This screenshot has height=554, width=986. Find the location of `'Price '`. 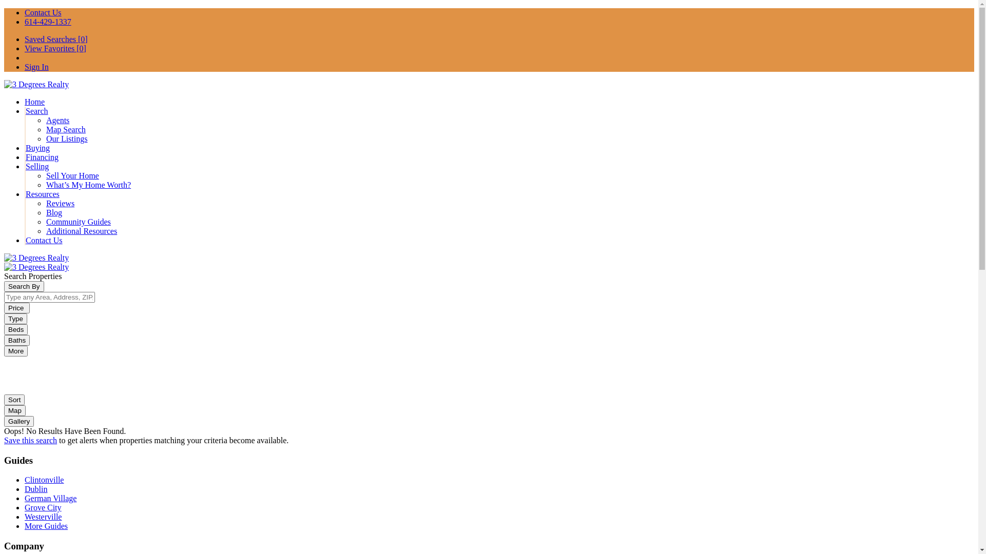

'Price ' is located at coordinates (17, 307).